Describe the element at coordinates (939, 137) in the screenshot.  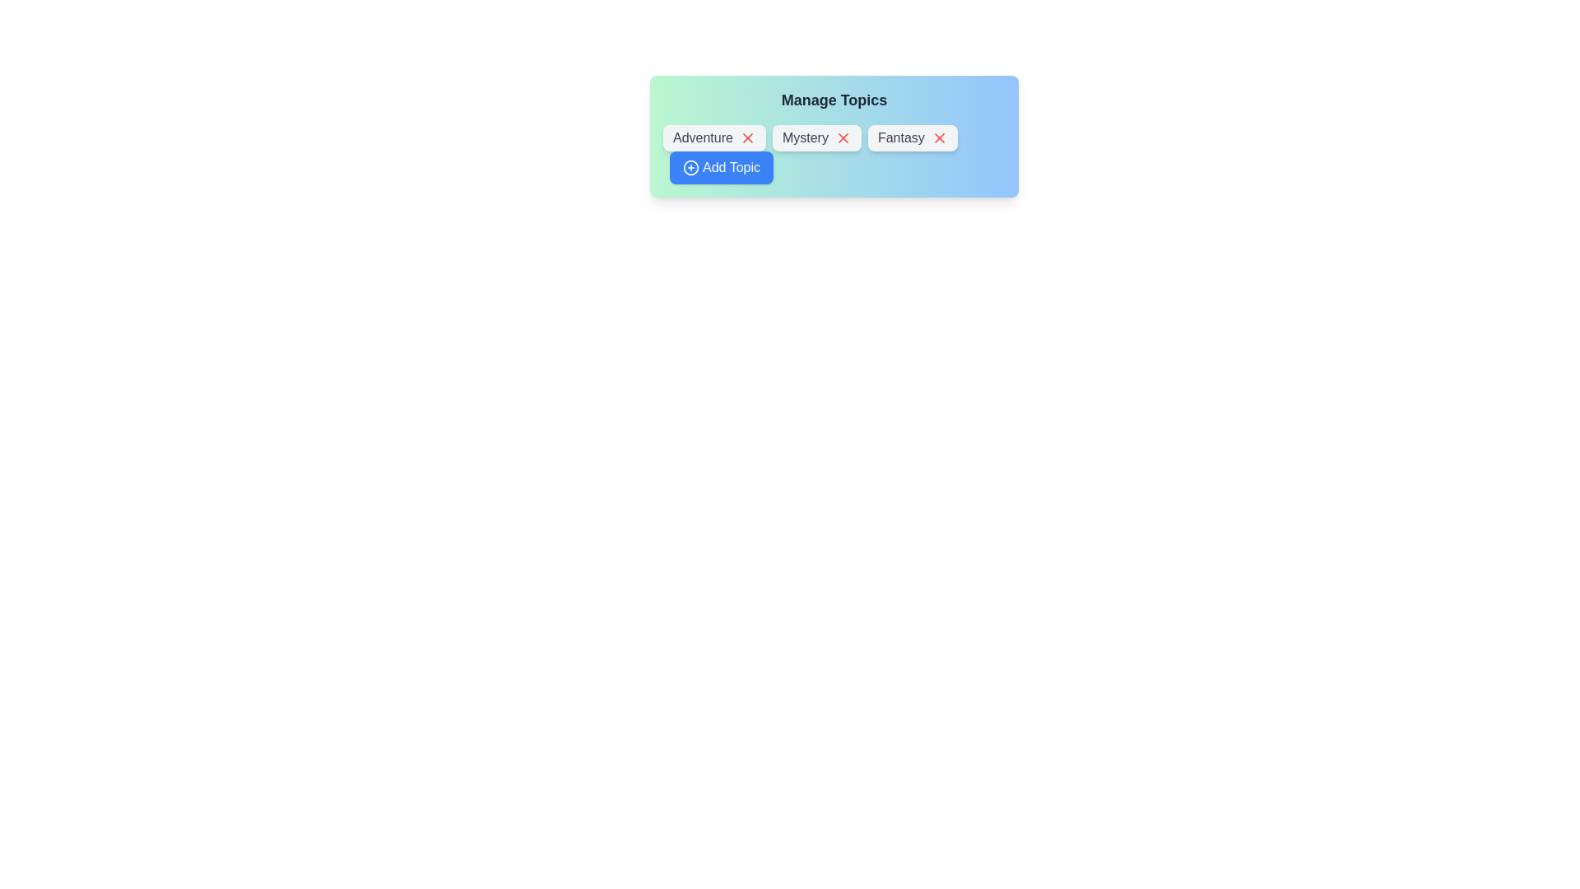
I see `'X' button on the chip labeled 'Fantasy' to delete it` at that location.